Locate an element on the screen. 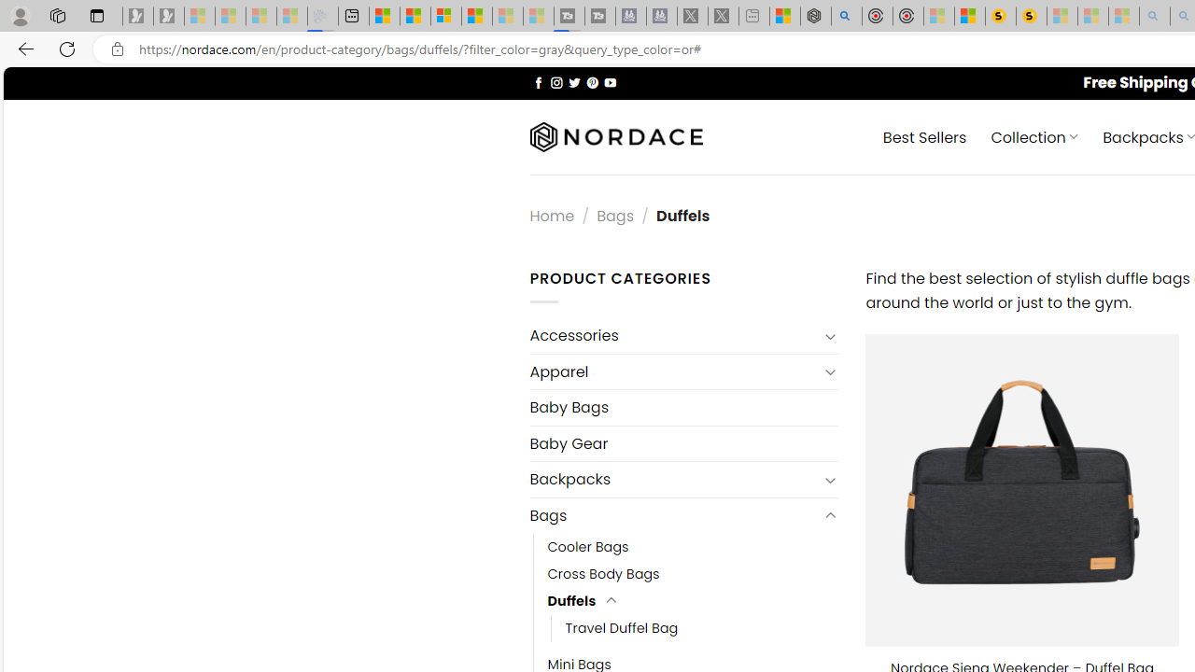 The image size is (1195, 672). 'Cooler Bags' is located at coordinates (587, 546).